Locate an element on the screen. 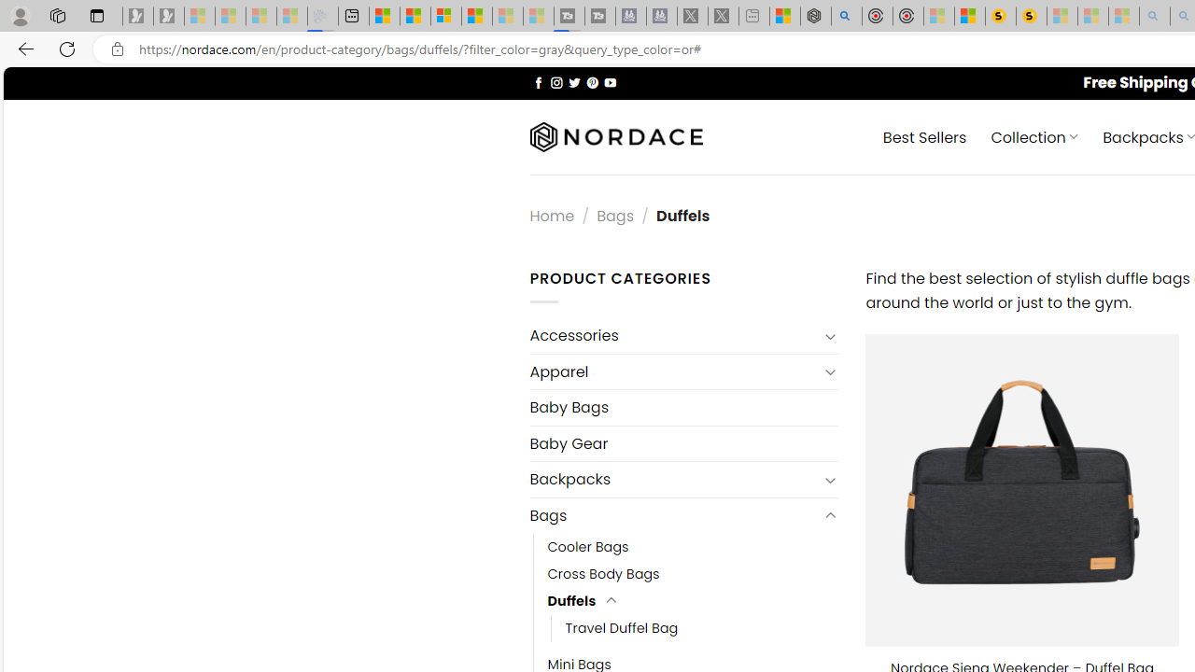 The image size is (1195, 672). 'Cooler Bags' is located at coordinates (587, 546).